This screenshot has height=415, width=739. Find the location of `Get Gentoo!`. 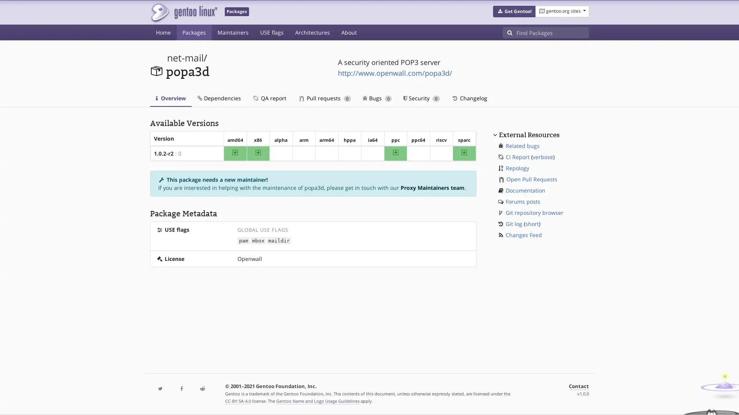

Get Gentoo! is located at coordinates (514, 12).